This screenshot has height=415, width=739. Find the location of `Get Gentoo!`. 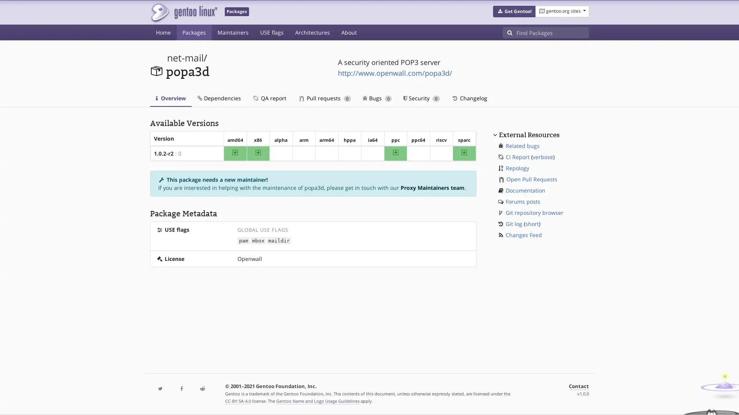

Get Gentoo! is located at coordinates (514, 12).